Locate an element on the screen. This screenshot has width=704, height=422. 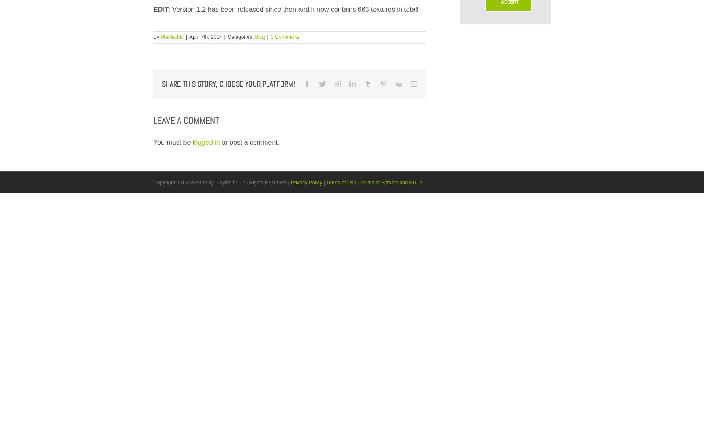
'Privacy Policy' is located at coordinates (306, 182).